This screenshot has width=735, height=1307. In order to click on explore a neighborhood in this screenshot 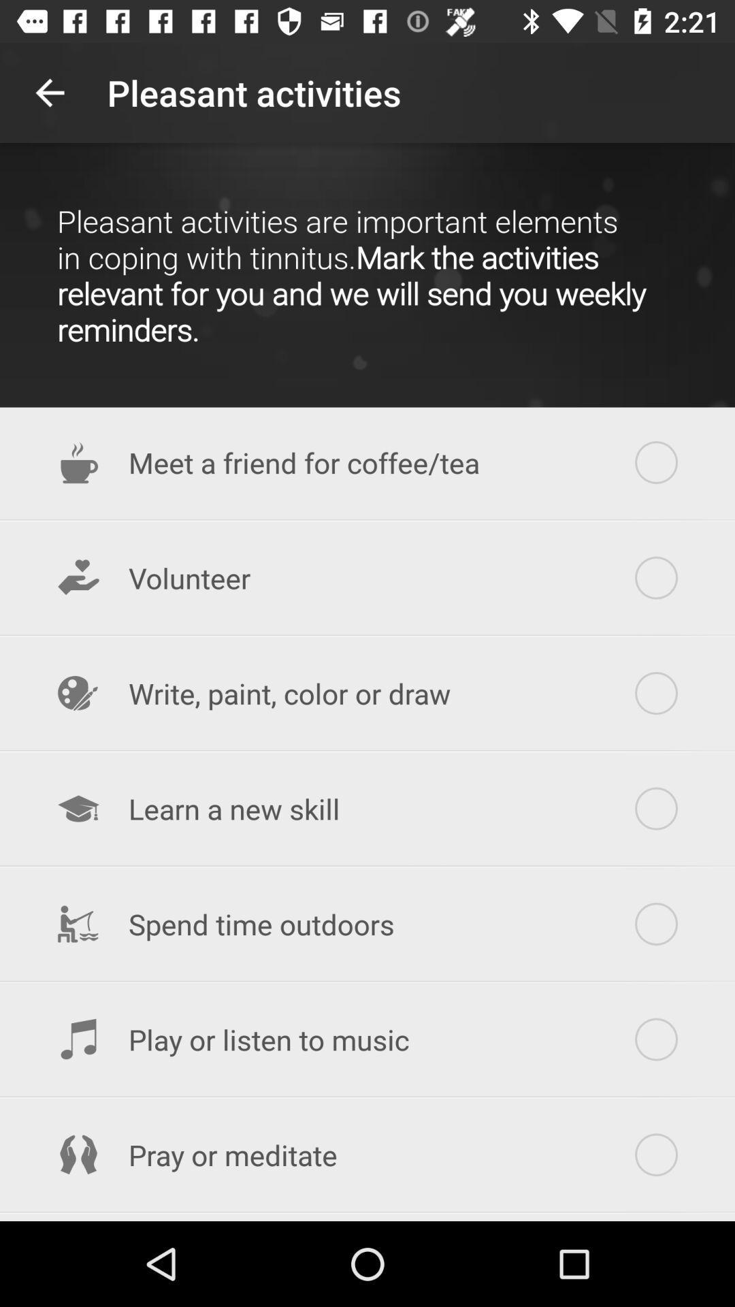, I will do `click(367, 1218)`.